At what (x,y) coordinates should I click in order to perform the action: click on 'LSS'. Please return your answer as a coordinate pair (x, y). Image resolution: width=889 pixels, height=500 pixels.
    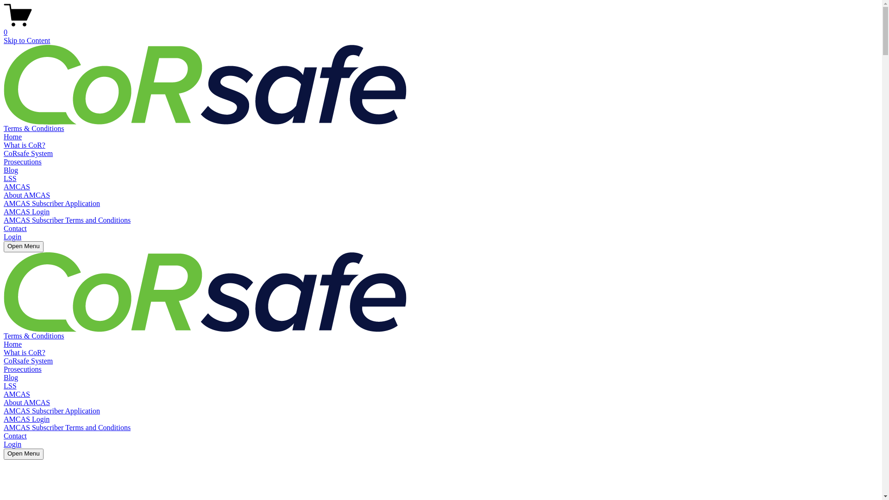
    Looking at the image, I should click on (10, 178).